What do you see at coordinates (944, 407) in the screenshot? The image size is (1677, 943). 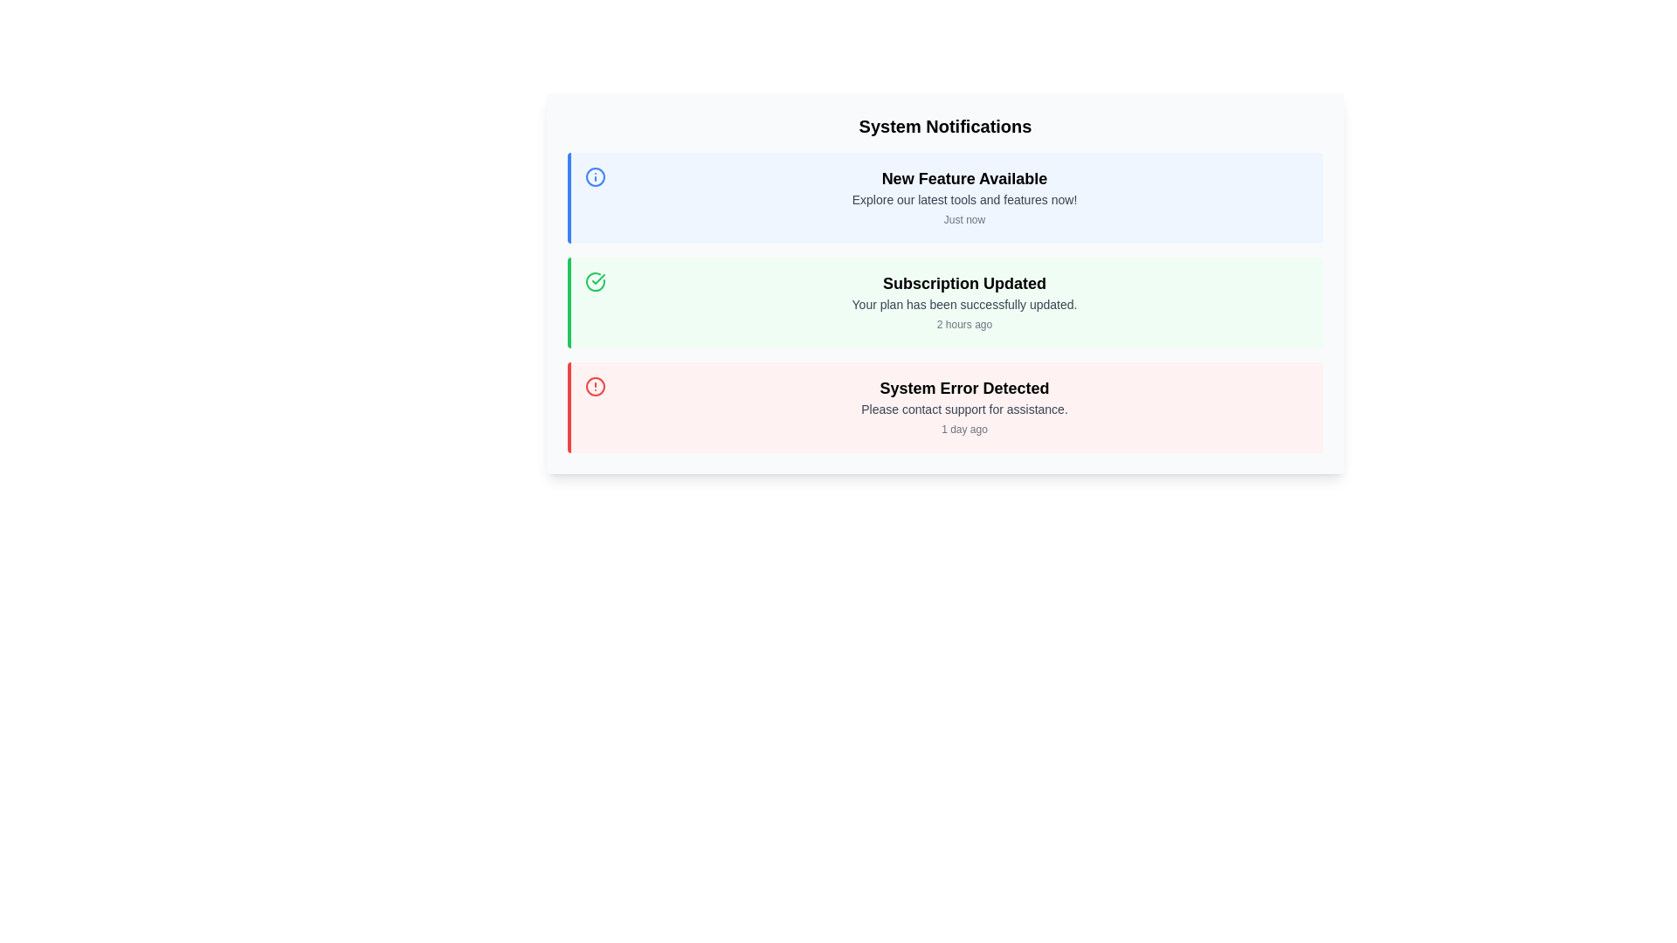 I see `the Notification card that informs the user of a system error, which is the third notification in the list` at bounding box center [944, 407].